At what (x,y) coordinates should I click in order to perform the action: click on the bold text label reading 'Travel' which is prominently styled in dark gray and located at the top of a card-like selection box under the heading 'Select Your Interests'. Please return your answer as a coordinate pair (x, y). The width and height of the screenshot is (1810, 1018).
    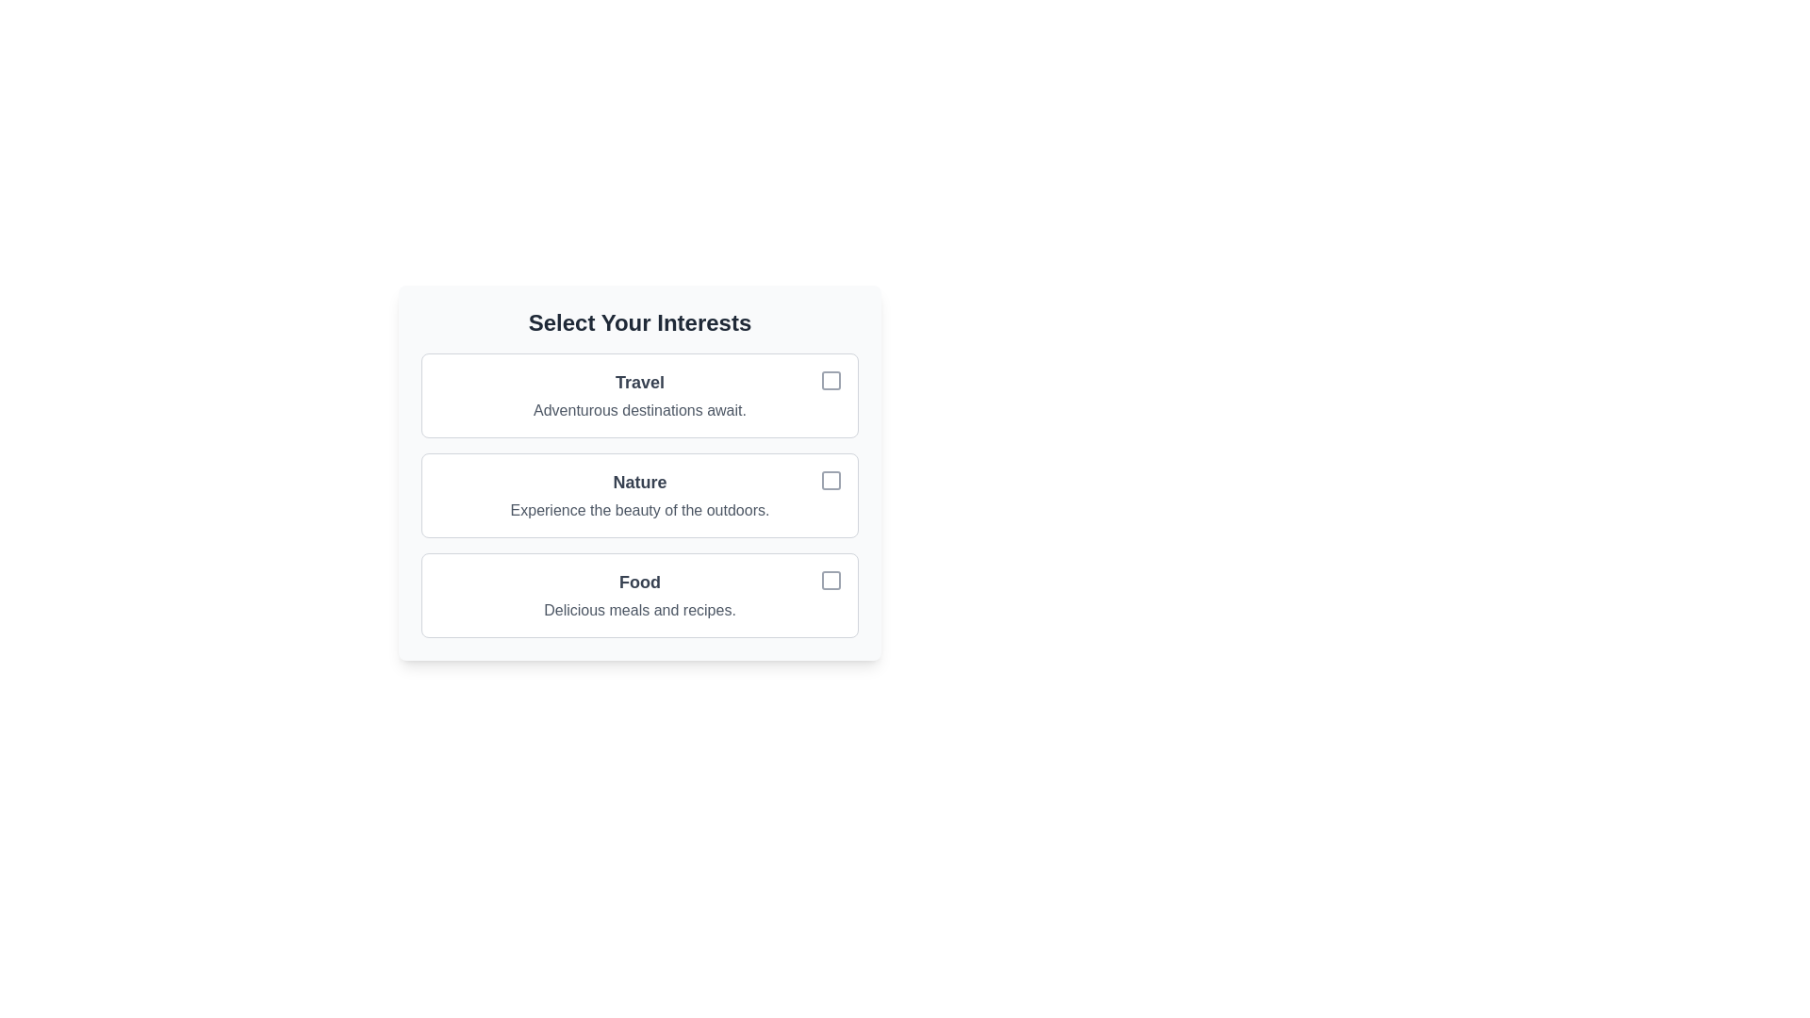
    Looking at the image, I should click on (639, 382).